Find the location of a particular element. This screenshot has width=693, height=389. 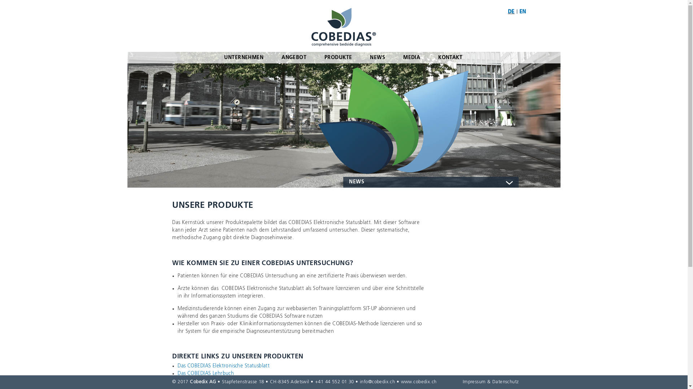

'Das COBEDIAS Elektronische Statusblatt' is located at coordinates (223, 366).